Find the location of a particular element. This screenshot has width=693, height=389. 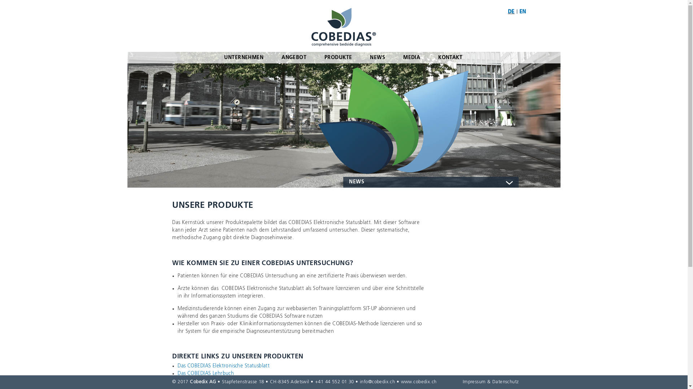

'Das COBEDIAS Elektronische Statusblatt' is located at coordinates (223, 366).